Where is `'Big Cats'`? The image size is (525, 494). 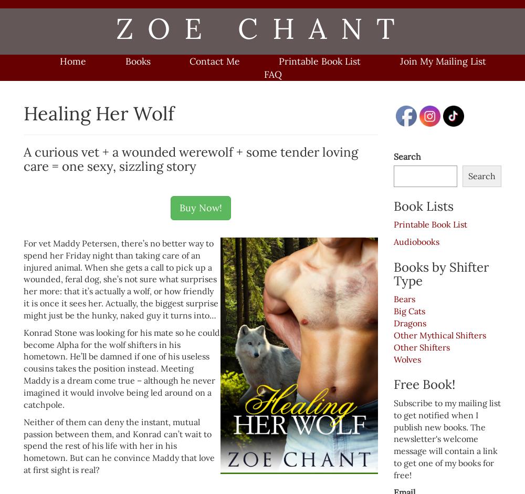
'Big Cats' is located at coordinates (409, 311).